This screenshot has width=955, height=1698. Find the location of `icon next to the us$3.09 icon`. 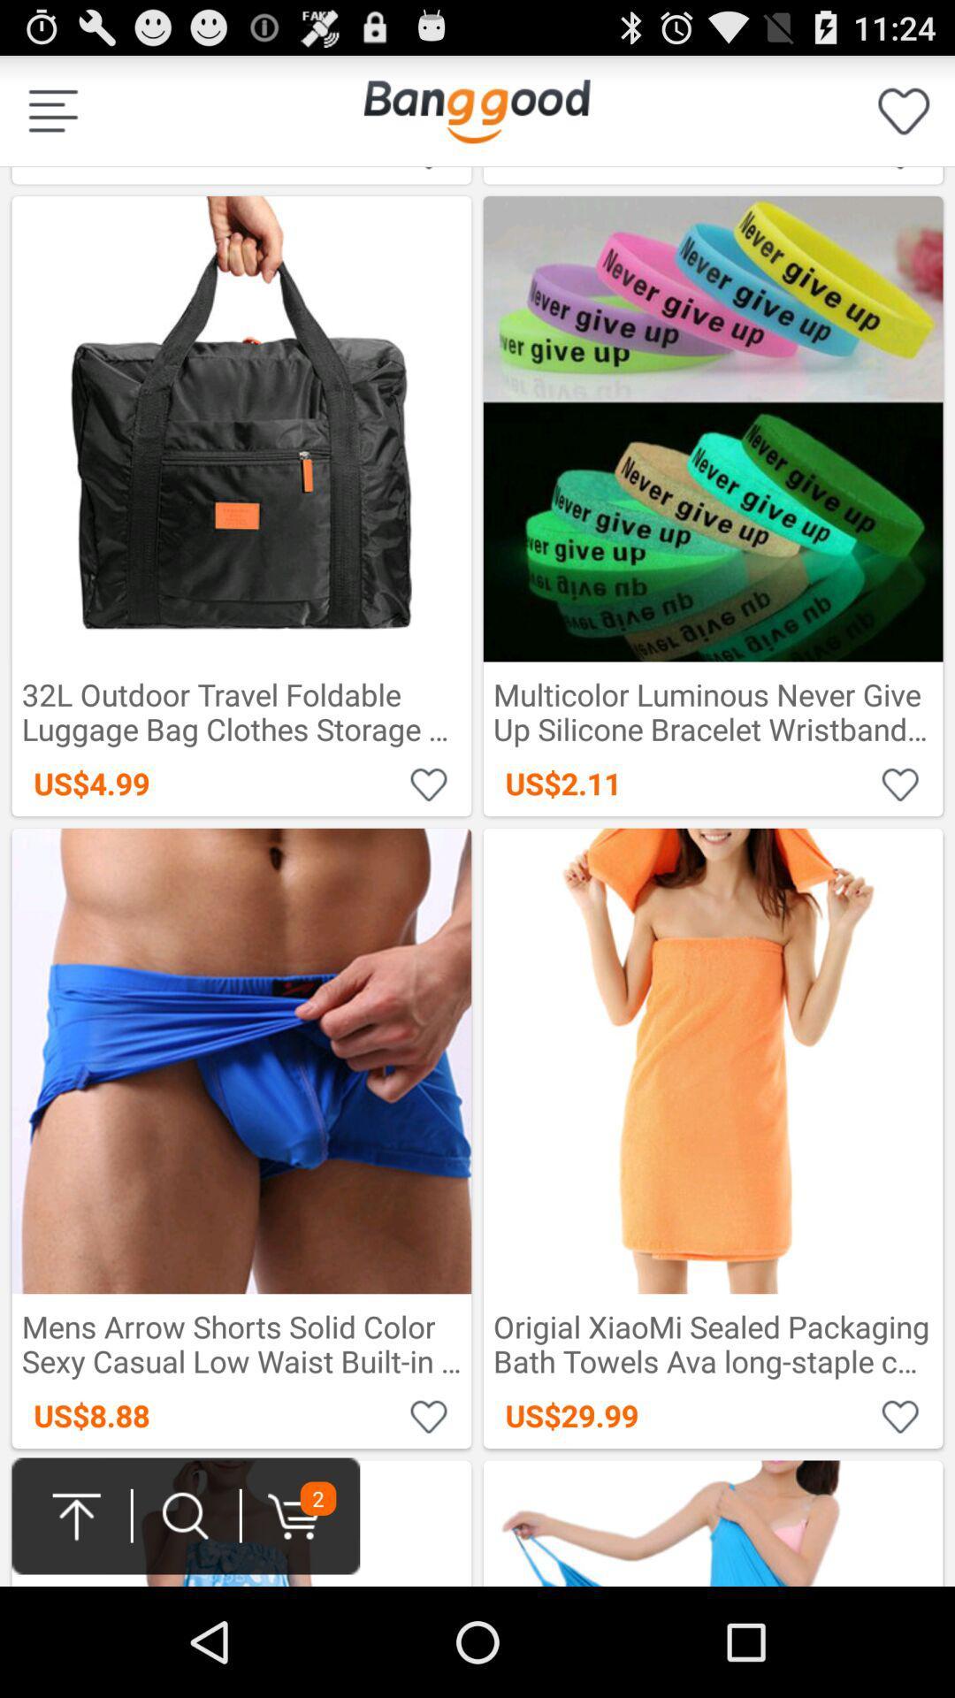

icon next to the us$3.09 icon is located at coordinates (476, 110).